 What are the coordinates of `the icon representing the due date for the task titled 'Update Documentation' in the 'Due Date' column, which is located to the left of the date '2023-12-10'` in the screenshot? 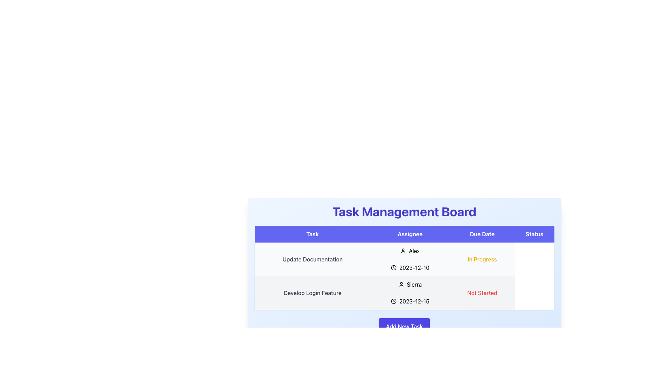 It's located at (393, 267).